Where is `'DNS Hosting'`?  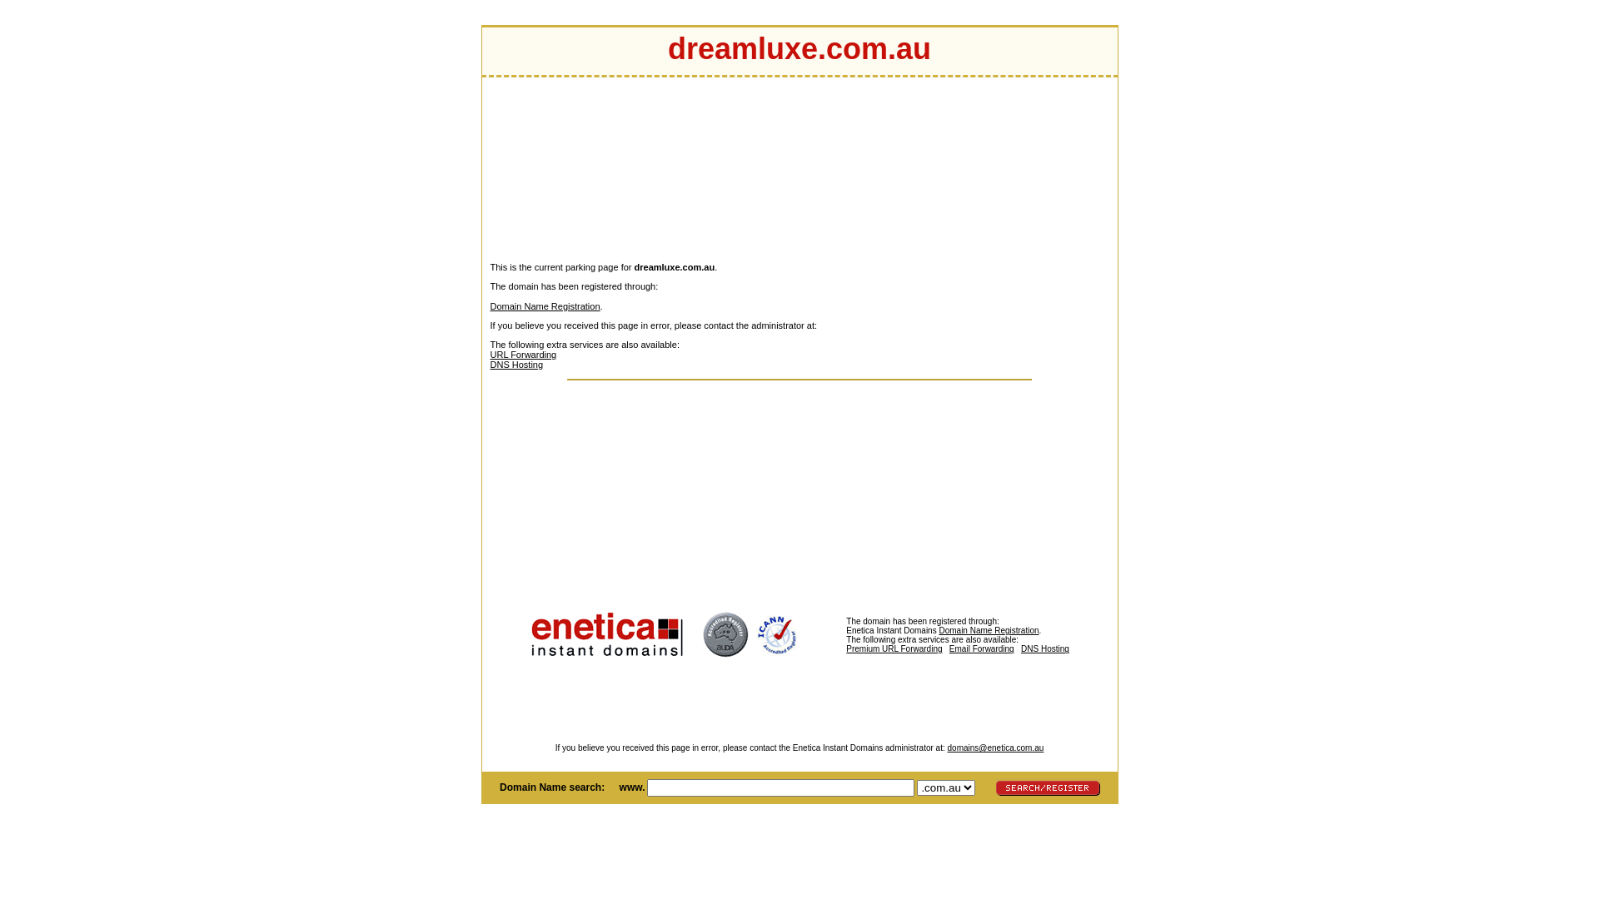
'DNS Hosting' is located at coordinates (515, 364).